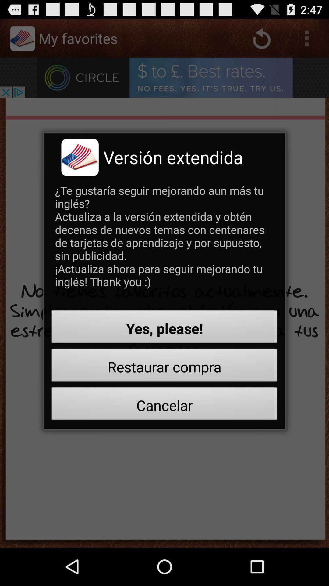 The height and width of the screenshot is (586, 329). What do you see at coordinates (164, 328) in the screenshot?
I see `button above restaurar compra icon` at bounding box center [164, 328].